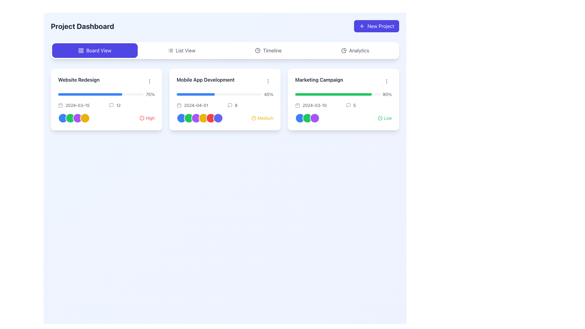 The image size is (585, 329). What do you see at coordinates (362, 26) in the screenshot?
I see `the icon inside the 'New Project' button, located to the left of the text 'New Project' in the top-right corner of the application interface` at bounding box center [362, 26].